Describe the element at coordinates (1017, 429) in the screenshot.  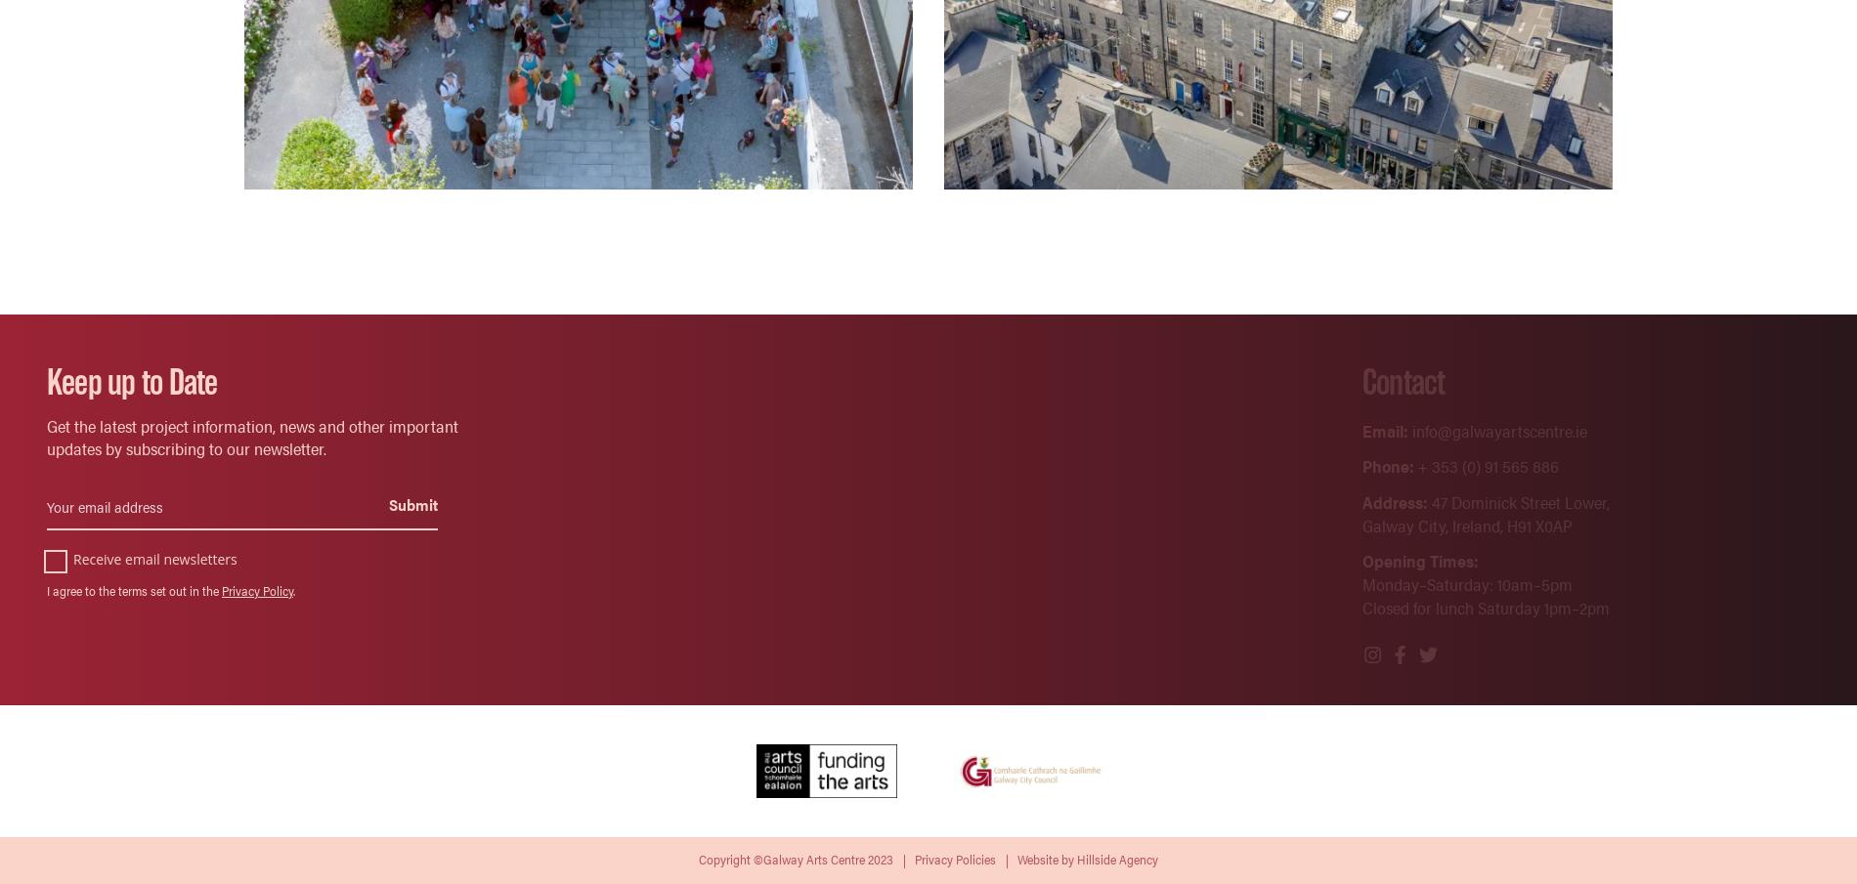
I see `'Your Visit'` at that location.